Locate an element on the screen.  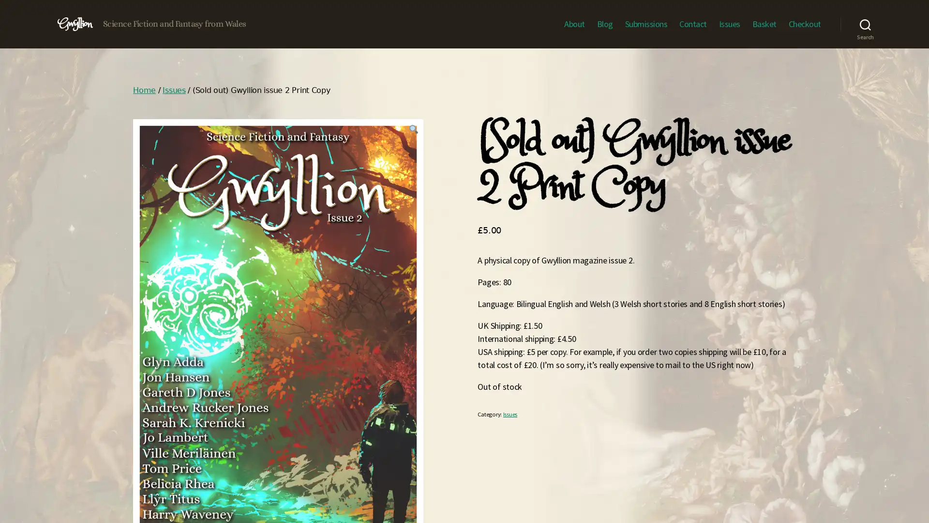
Search is located at coordinates (865, 24).